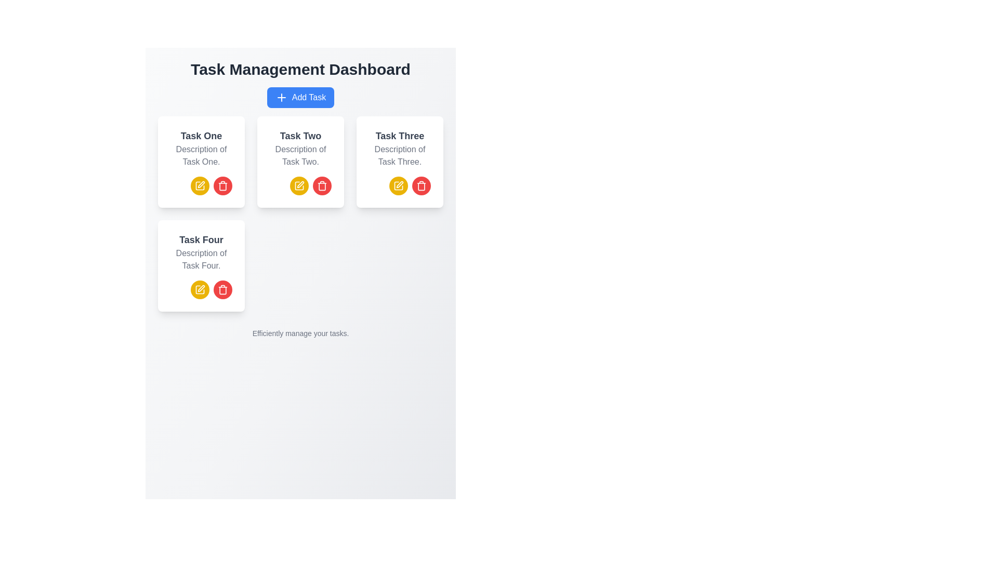 Image resolution: width=998 pixels, height=561 pixels. I want to click on the edit icon represented by a pen on a square, located within the card labeled 'Task Two', so click(299, 185).